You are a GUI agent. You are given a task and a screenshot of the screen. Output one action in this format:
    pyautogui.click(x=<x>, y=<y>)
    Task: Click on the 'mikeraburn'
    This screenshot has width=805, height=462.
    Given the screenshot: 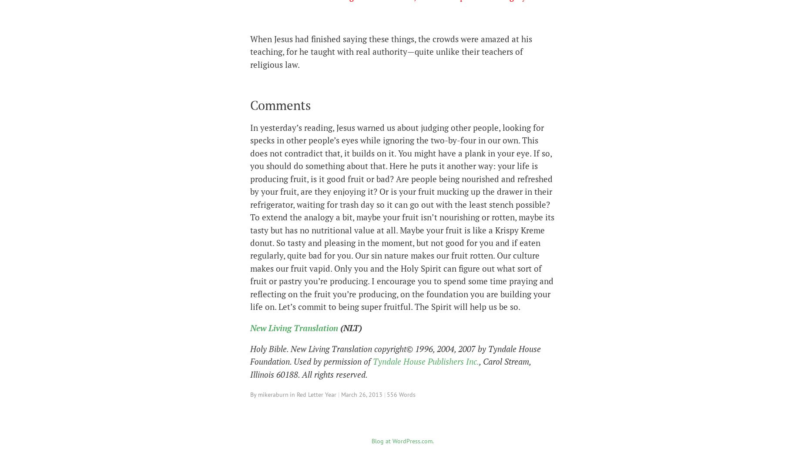 What is the action you would take?
    pyautogui.click(x=273, y=394)
    